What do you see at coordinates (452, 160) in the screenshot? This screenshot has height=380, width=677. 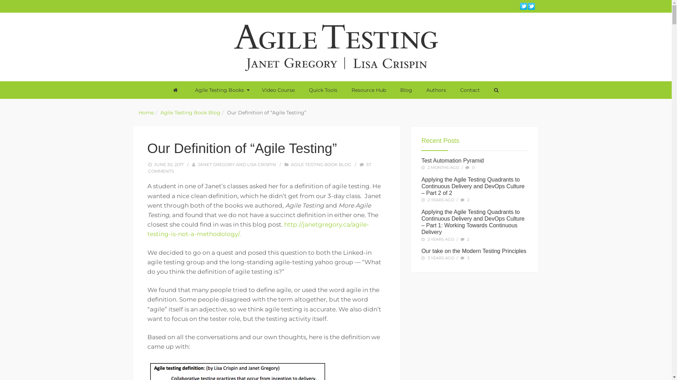 I see `'Test Automation Pyramid'` at bounding box center [452, 160].